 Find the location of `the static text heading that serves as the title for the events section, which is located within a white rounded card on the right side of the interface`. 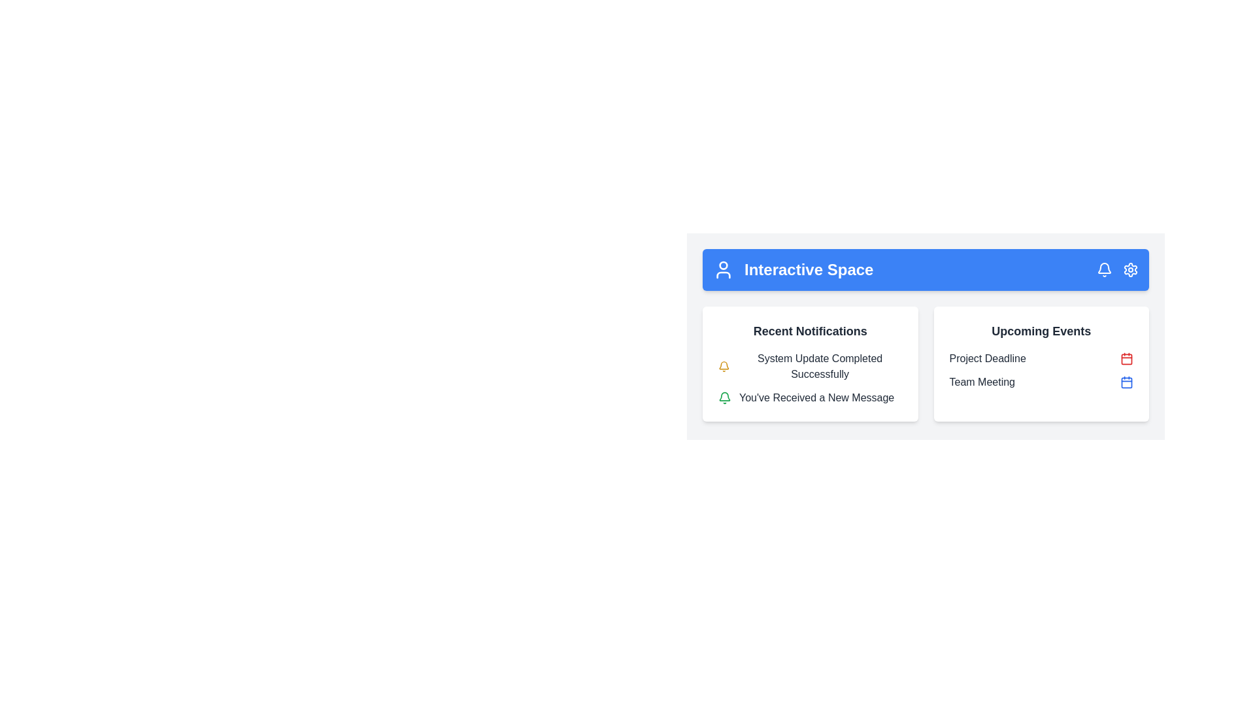

the static text heading that serves as the title for the events section, which is located within a white rounded card on the right side of the interface is located at coordinates (1041, 330).